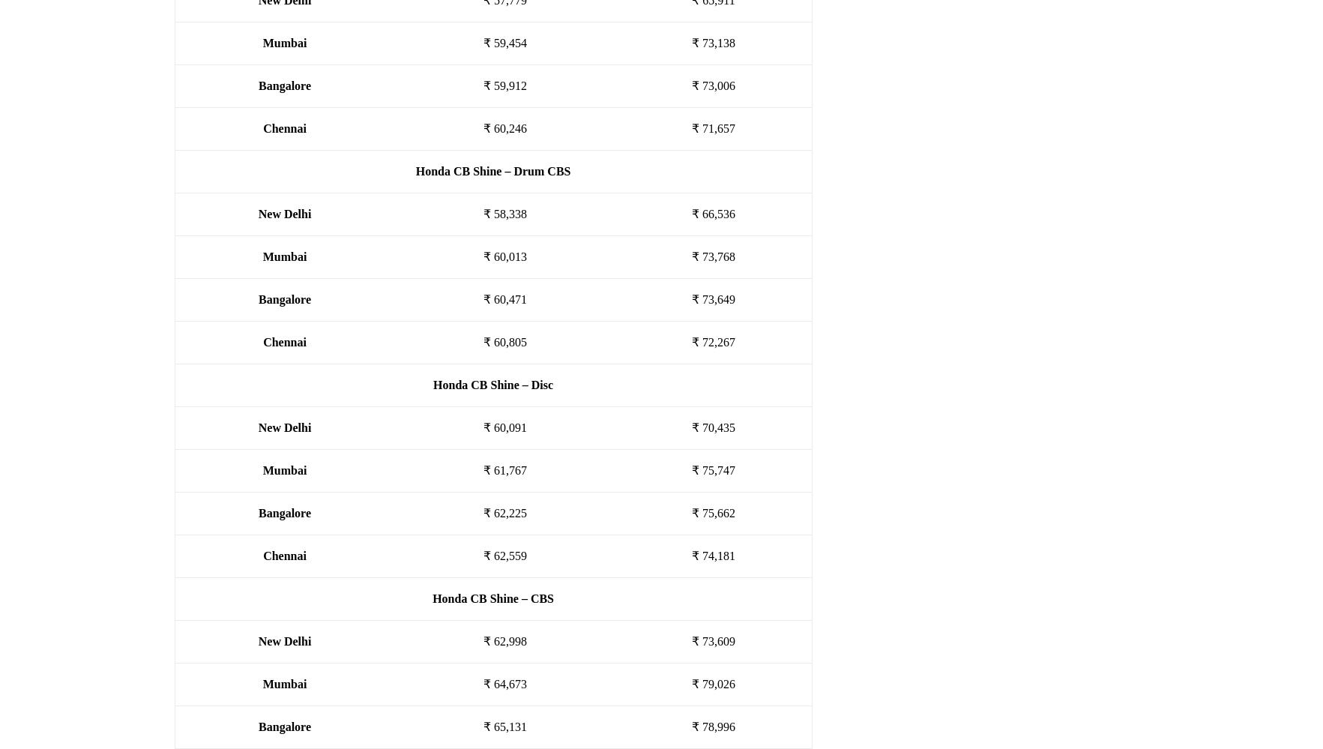 Image resolution: width=1323 pixels, height=749 pixels. What do you see at coordinates (712, 127) in the screenshot?
I see `'₹ 71,657'` at bounding box center [712, 127].